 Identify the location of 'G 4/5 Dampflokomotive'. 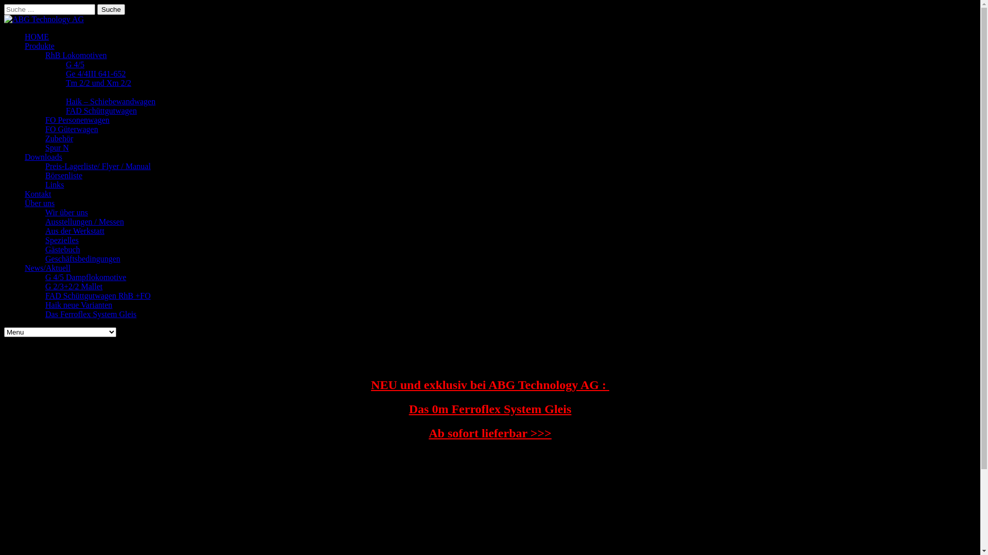
(85, 276).